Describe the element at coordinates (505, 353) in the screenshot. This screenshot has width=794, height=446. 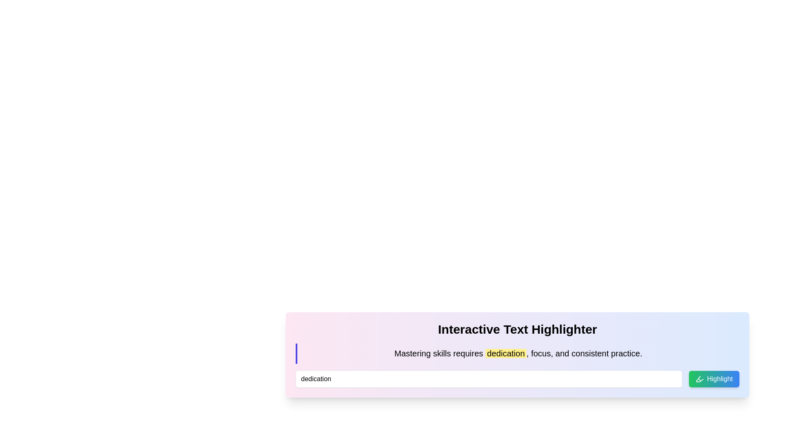
I see `the highlighted text emphasizing the word 'dedication' within the sentence 'Mastering skills requires dedication, focus, and consistent practice.'` at that location.